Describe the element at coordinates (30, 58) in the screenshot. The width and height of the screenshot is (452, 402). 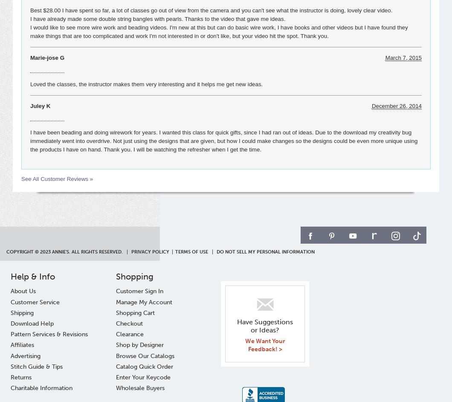
I see `'Marie-jose G'` at that location.